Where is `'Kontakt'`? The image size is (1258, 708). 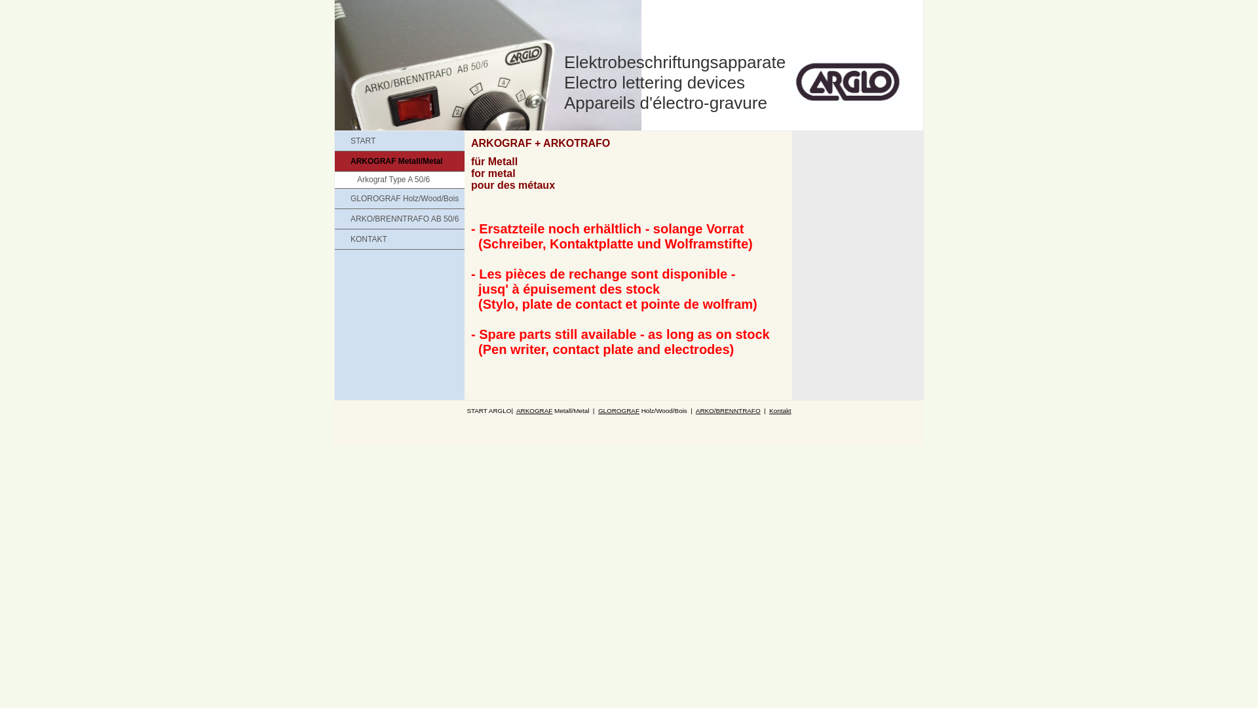 'Kontakt' is located at coordinates (769, 410).